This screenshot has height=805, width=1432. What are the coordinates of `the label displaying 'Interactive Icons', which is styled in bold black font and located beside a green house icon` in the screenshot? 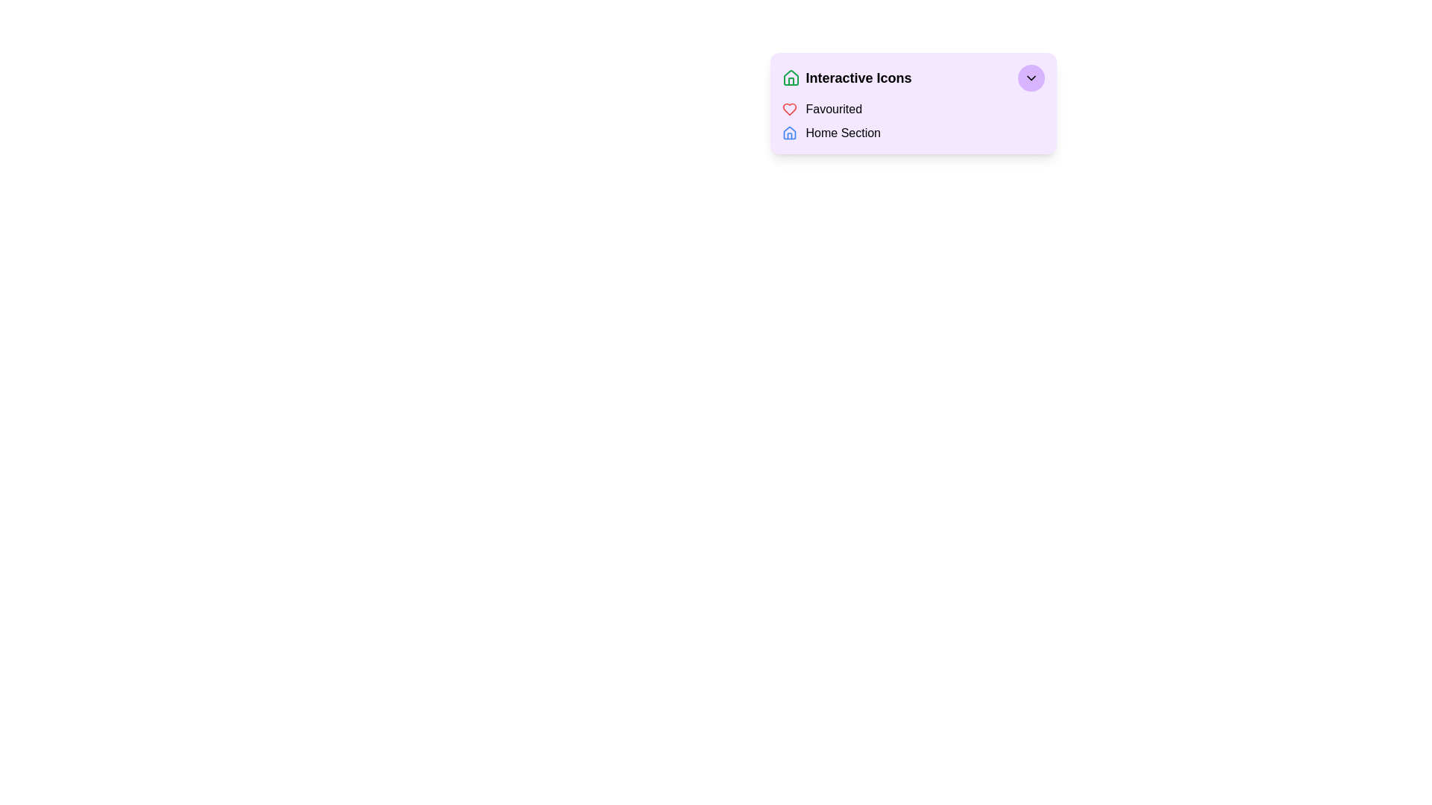 It's located at (847, 78).